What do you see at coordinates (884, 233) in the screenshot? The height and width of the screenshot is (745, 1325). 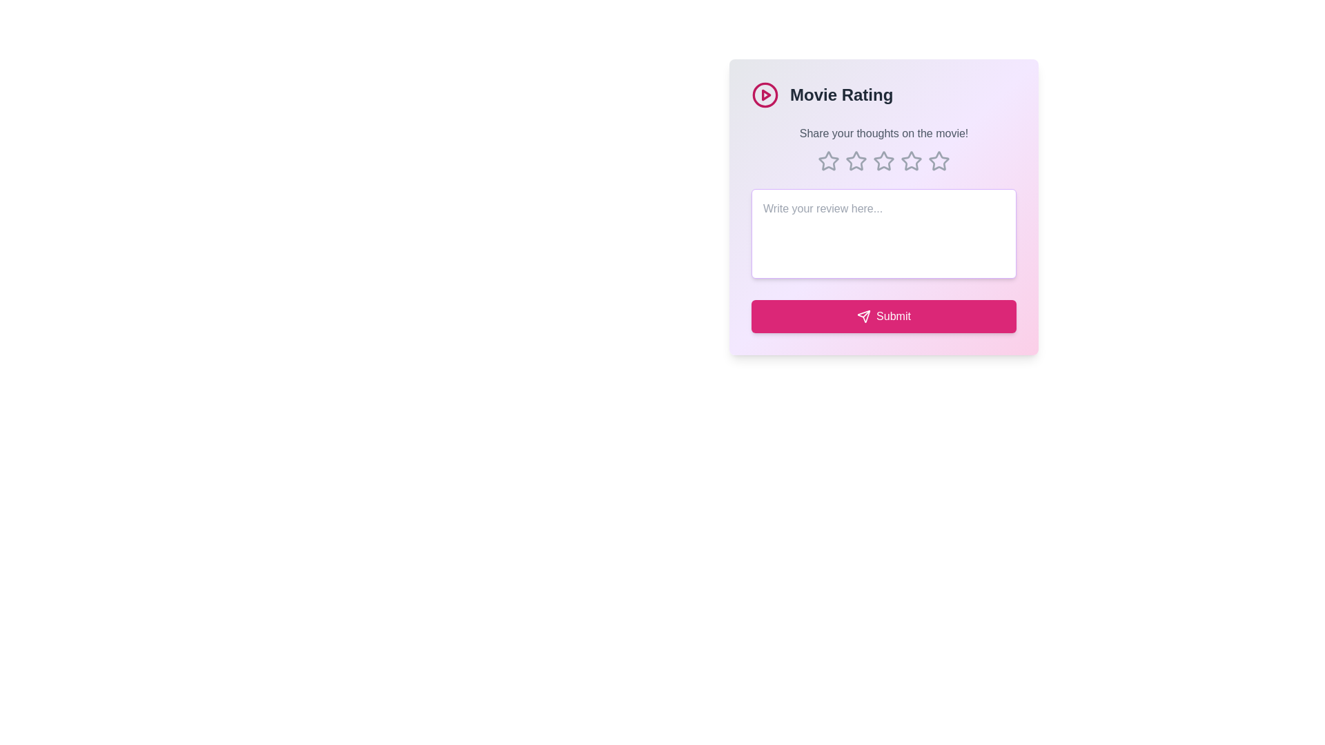 I see `the textarea for user feedback located above the 'Submit' button to focus on it` at bounding box center [884, 233].